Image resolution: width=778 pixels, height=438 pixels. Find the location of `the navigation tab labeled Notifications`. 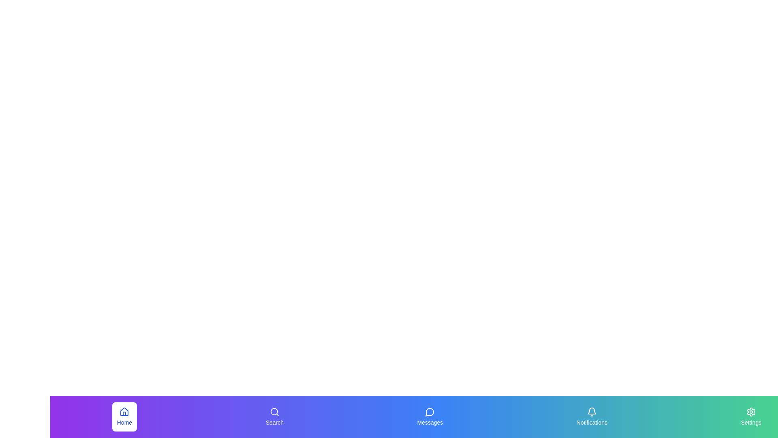

the navigation tab labeled Notifications is located at coordinates (591, 417).